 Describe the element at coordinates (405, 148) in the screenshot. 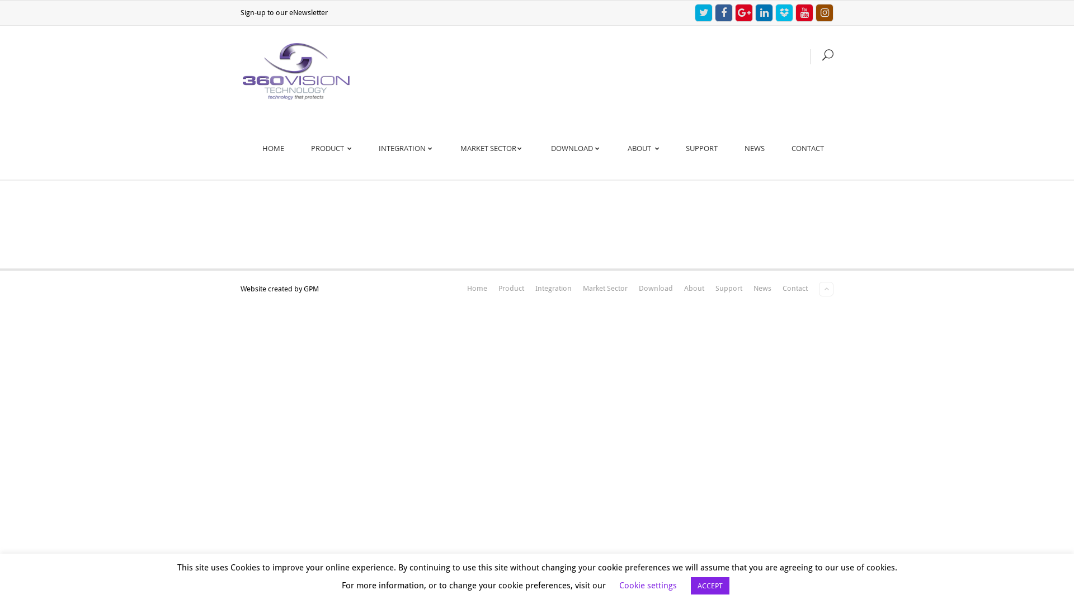

I see `'INTEGRATION'` at that location.